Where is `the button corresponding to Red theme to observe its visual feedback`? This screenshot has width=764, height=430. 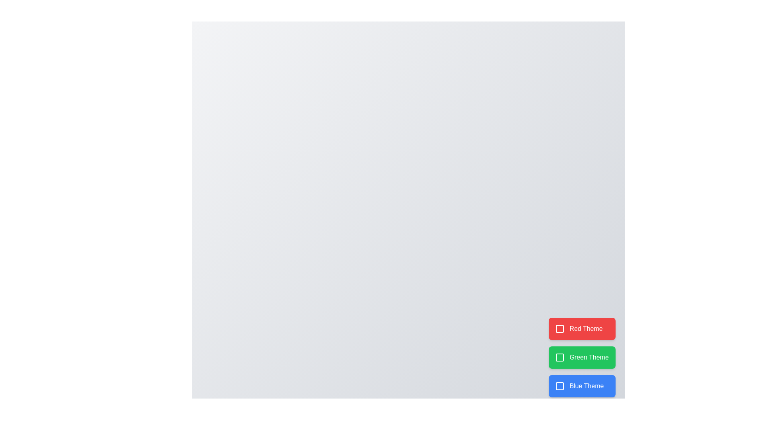 the button corresponding to Red theme to observe its visual feedback is located at coordinates (582, 328).